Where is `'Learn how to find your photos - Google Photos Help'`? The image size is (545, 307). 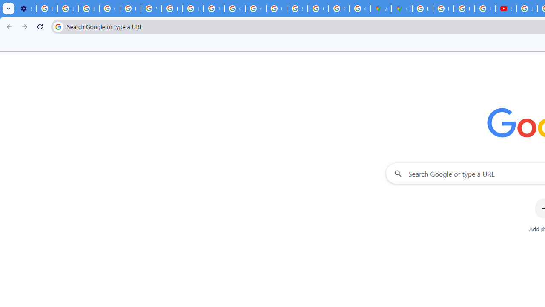
'Learn how to find your photos - Google Photos Help' is located at coordinates (67, 9).